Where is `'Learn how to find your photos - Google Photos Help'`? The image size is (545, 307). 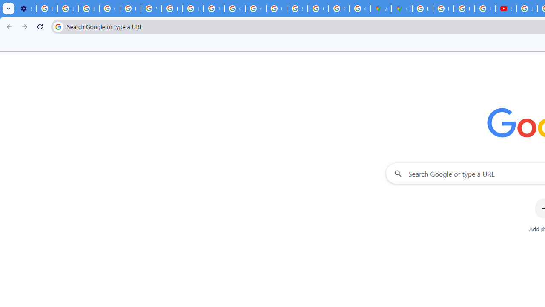
'Learn how to find your photos - Google Photos Help' is located at coordinates (67, 9).